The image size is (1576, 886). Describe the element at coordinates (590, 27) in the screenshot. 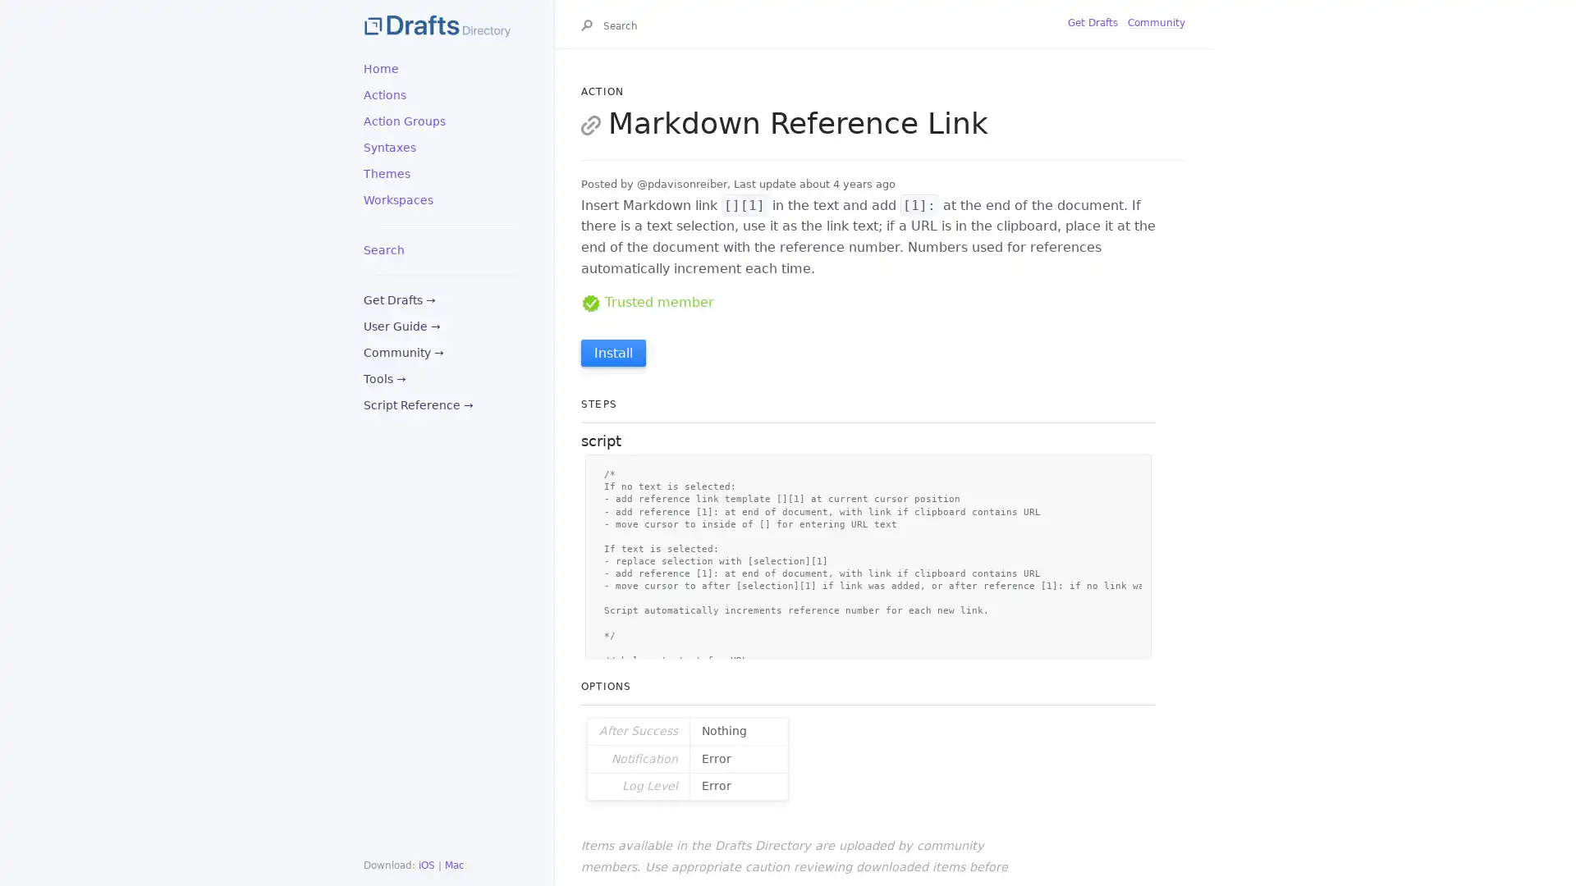

I see `Search` at that location.